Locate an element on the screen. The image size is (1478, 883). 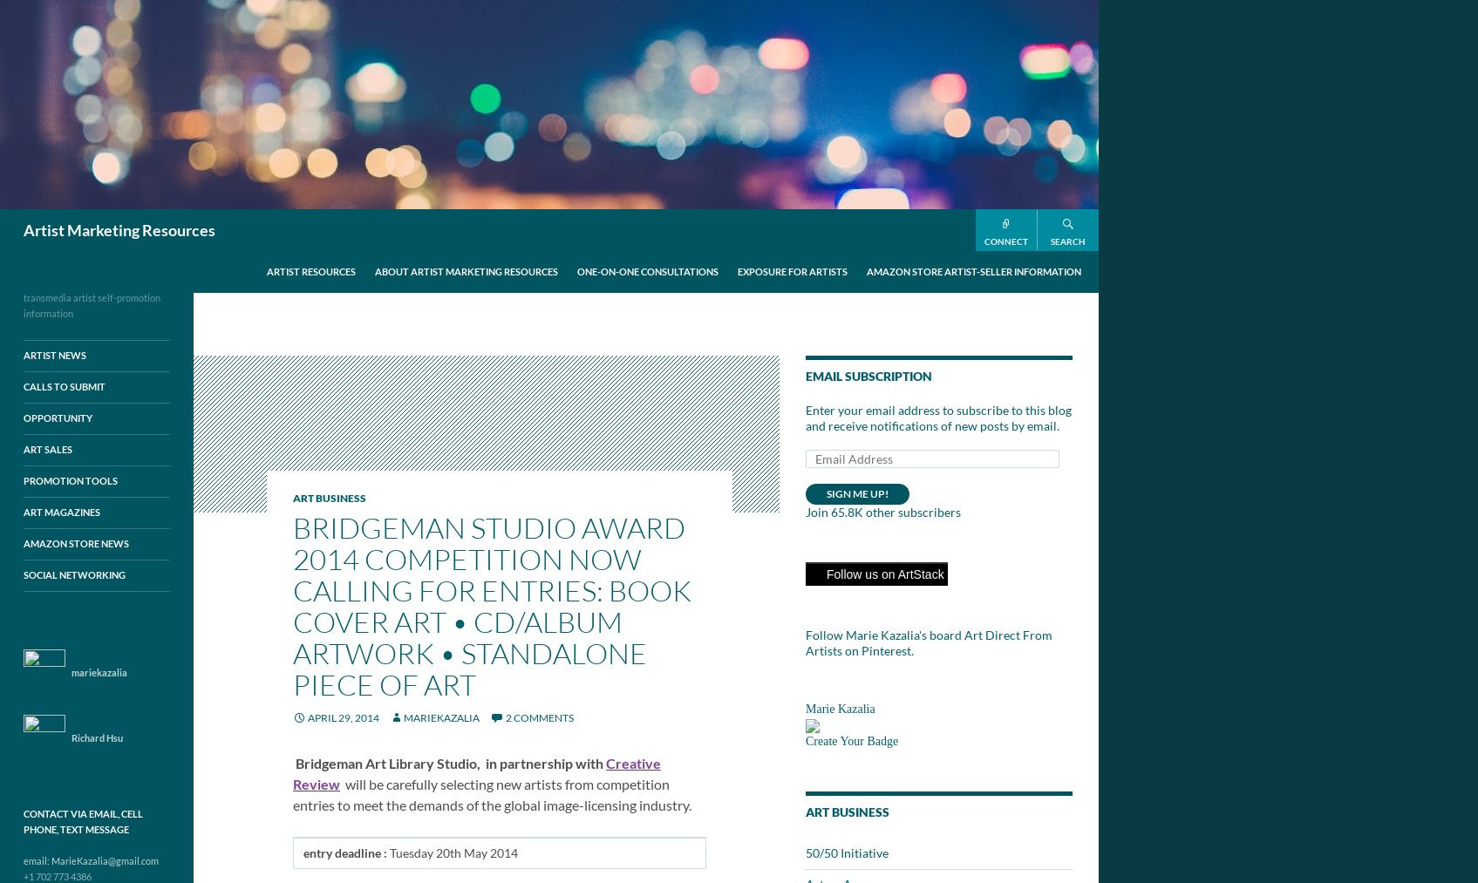
'Bridgeman Art Library Studio,  in partnership with' is located at coordinates (448, 762).